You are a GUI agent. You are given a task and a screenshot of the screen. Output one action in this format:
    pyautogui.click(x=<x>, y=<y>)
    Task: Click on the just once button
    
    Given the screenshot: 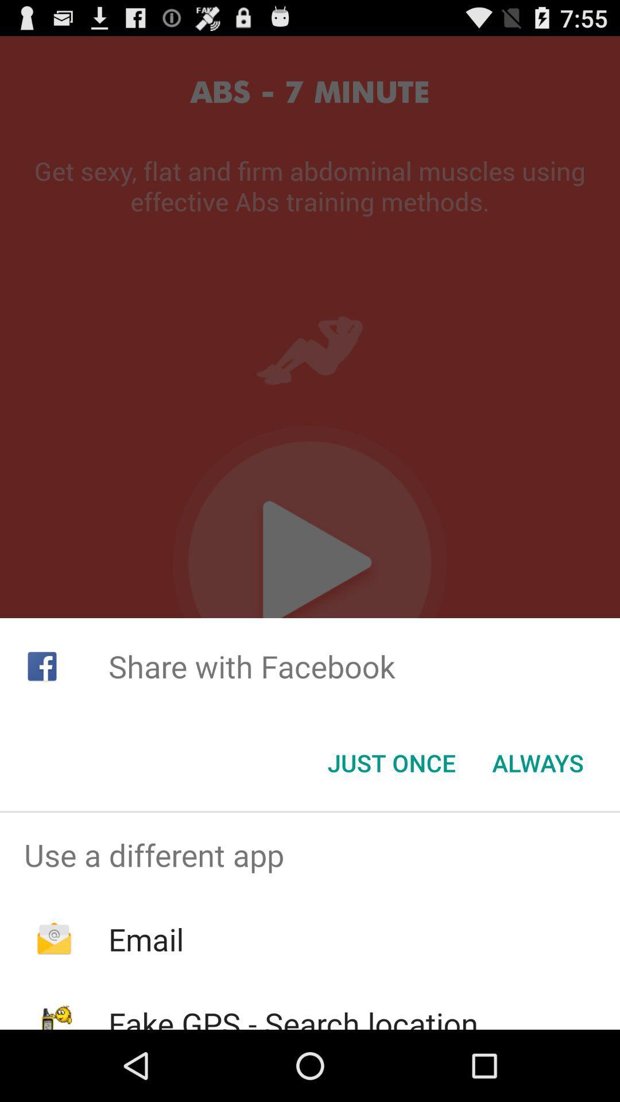 What is the action you would take?
    pyautogui.click(x=391, y=763)
    